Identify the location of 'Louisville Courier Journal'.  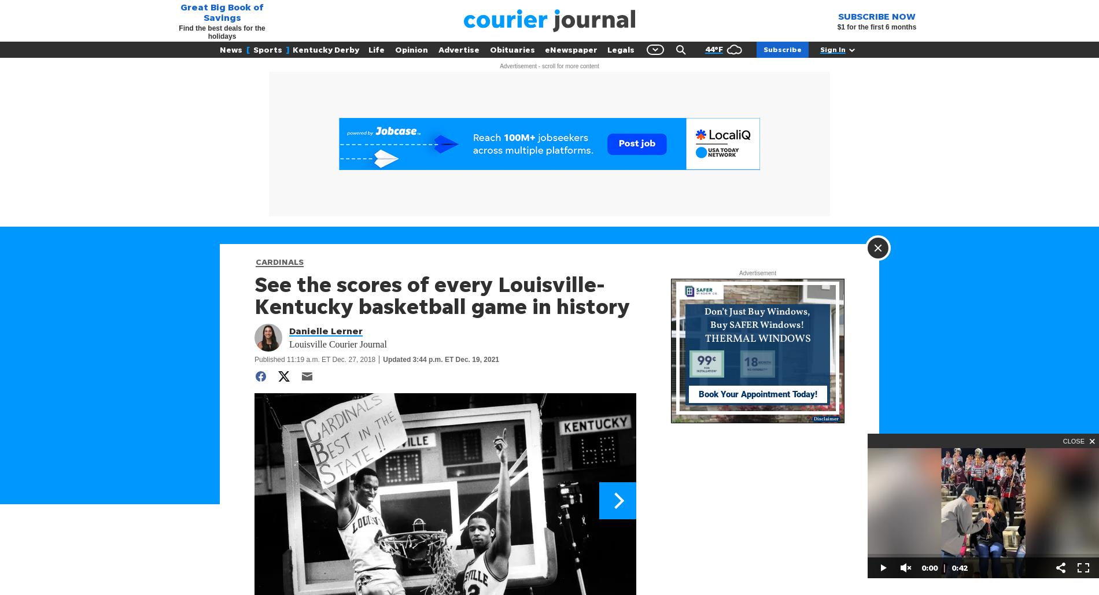
(289, 344).